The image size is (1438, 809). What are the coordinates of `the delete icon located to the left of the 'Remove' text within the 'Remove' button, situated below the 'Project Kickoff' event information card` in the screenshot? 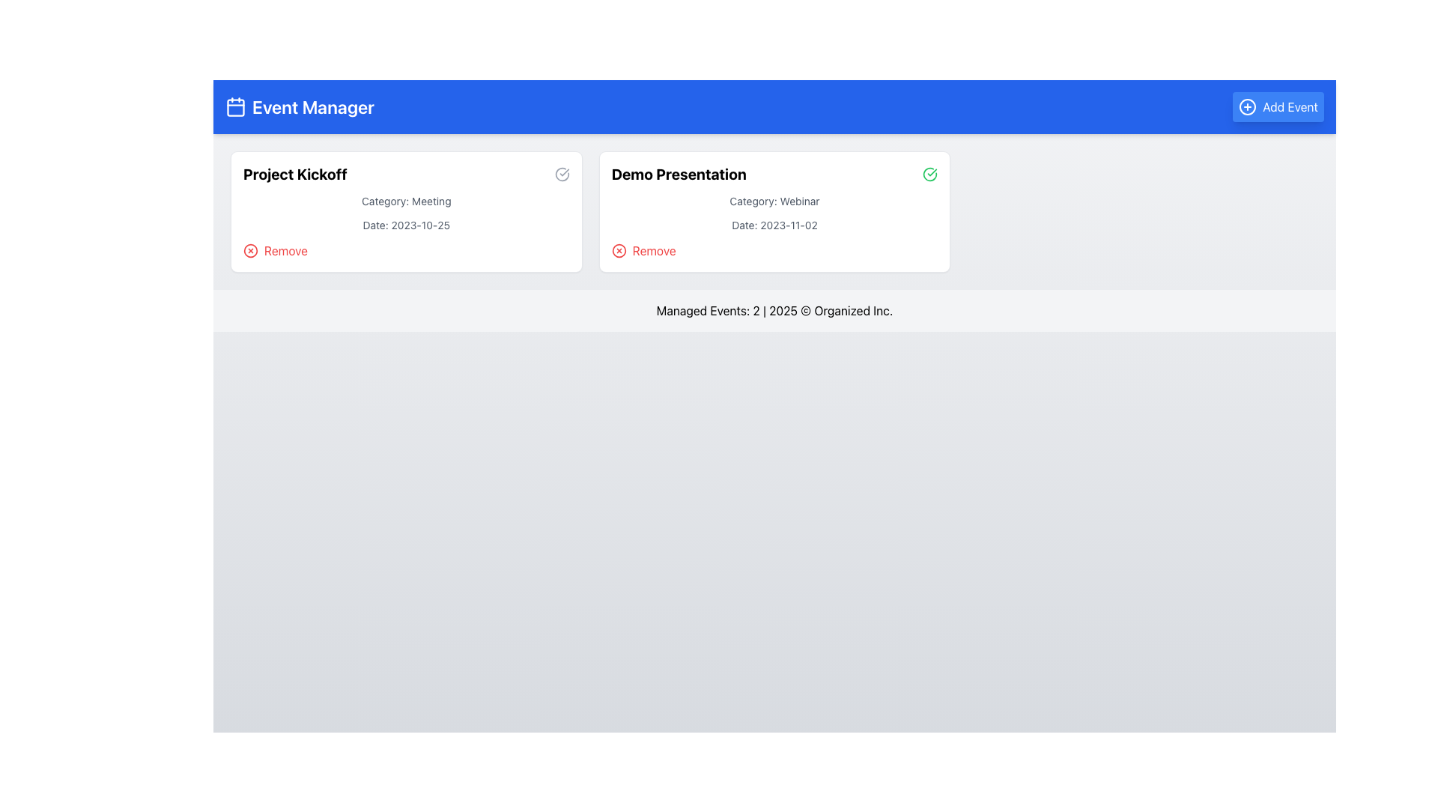 It's located at (251, 250).